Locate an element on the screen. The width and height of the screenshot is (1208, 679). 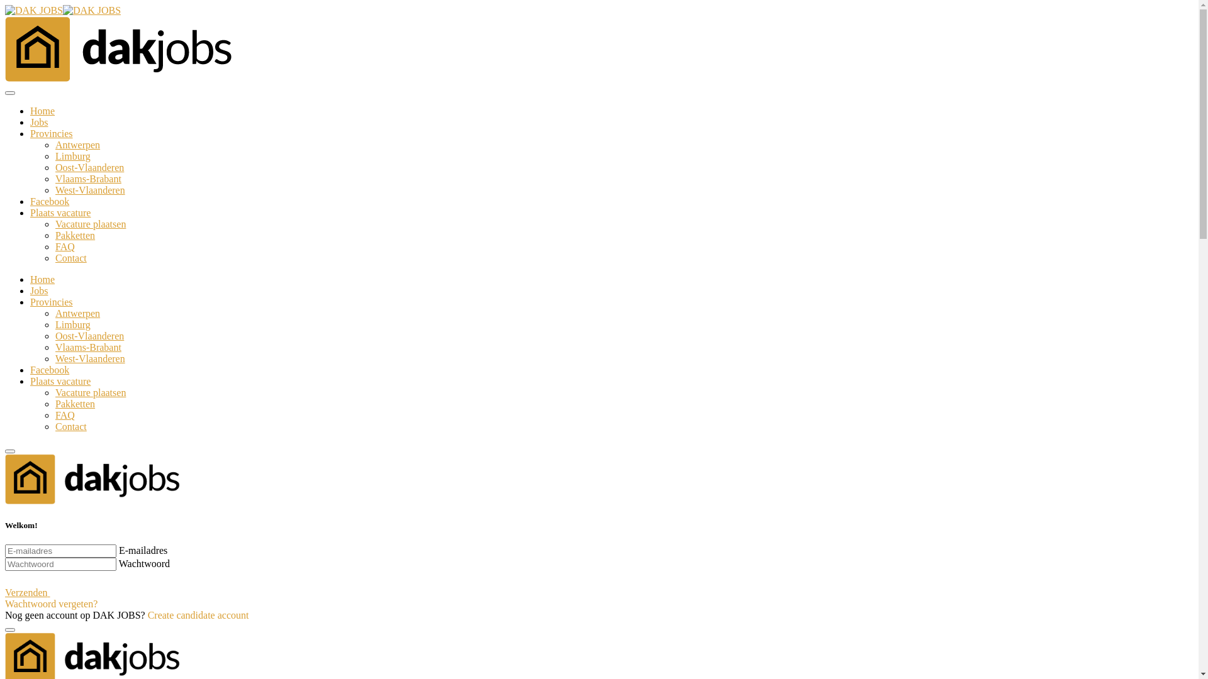
'Plaats vacature' is located at coordinates (60, 380).